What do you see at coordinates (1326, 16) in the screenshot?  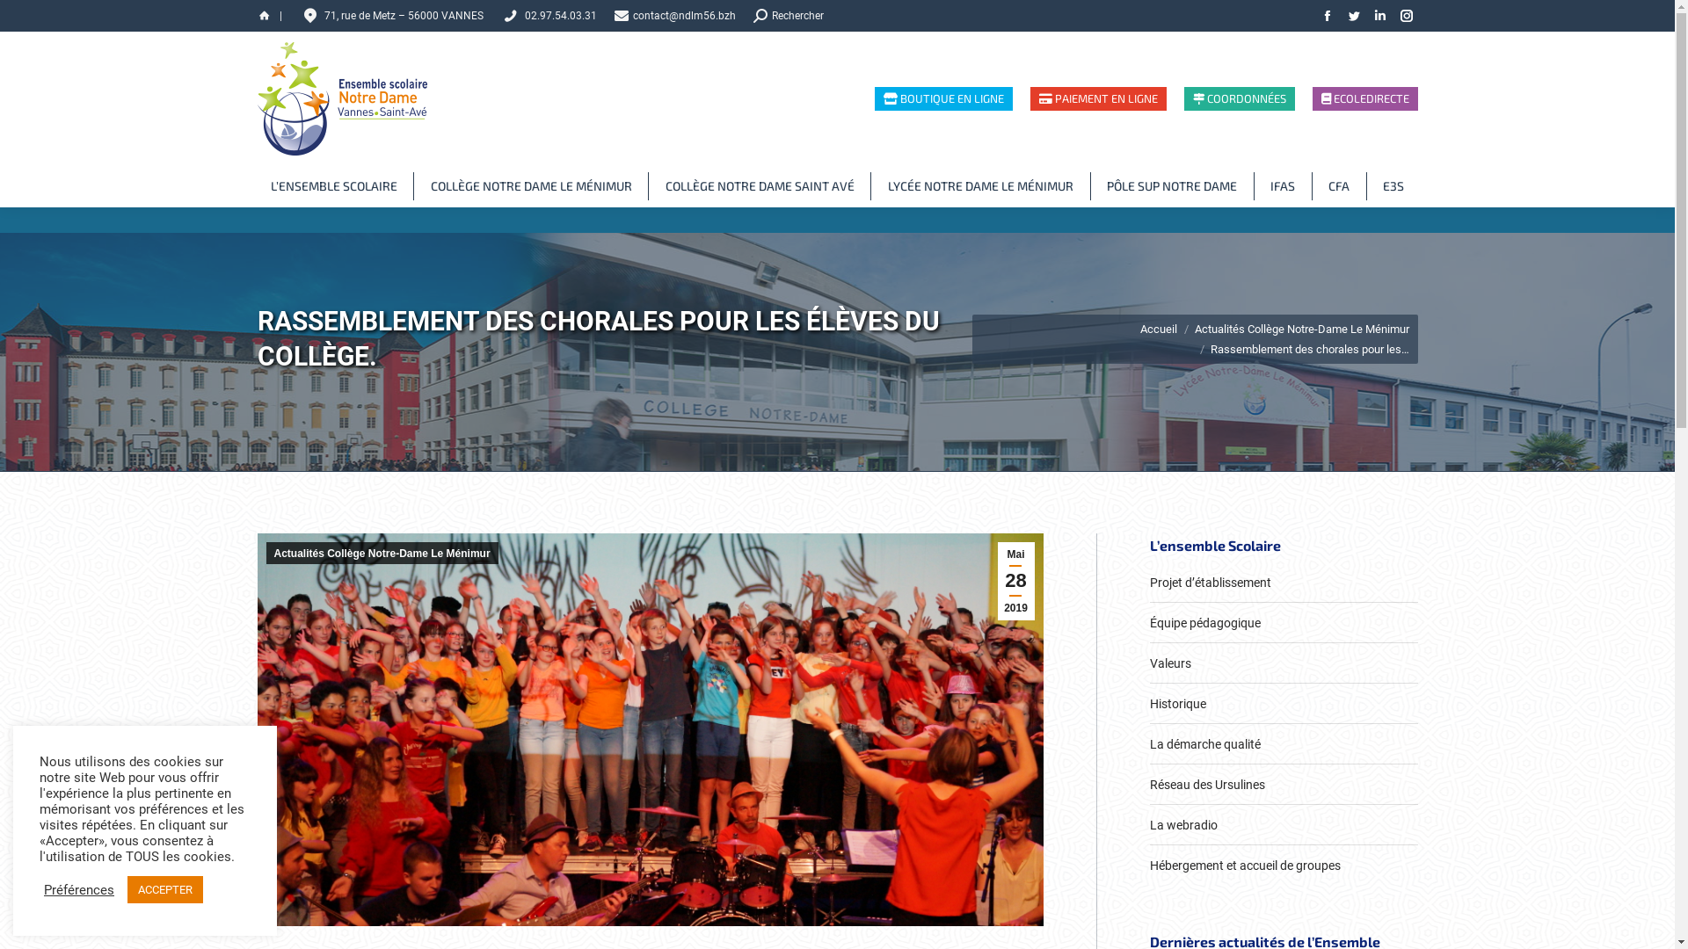 I see `'Facebook page opens in new window'` at bounding box center [1326, 16].